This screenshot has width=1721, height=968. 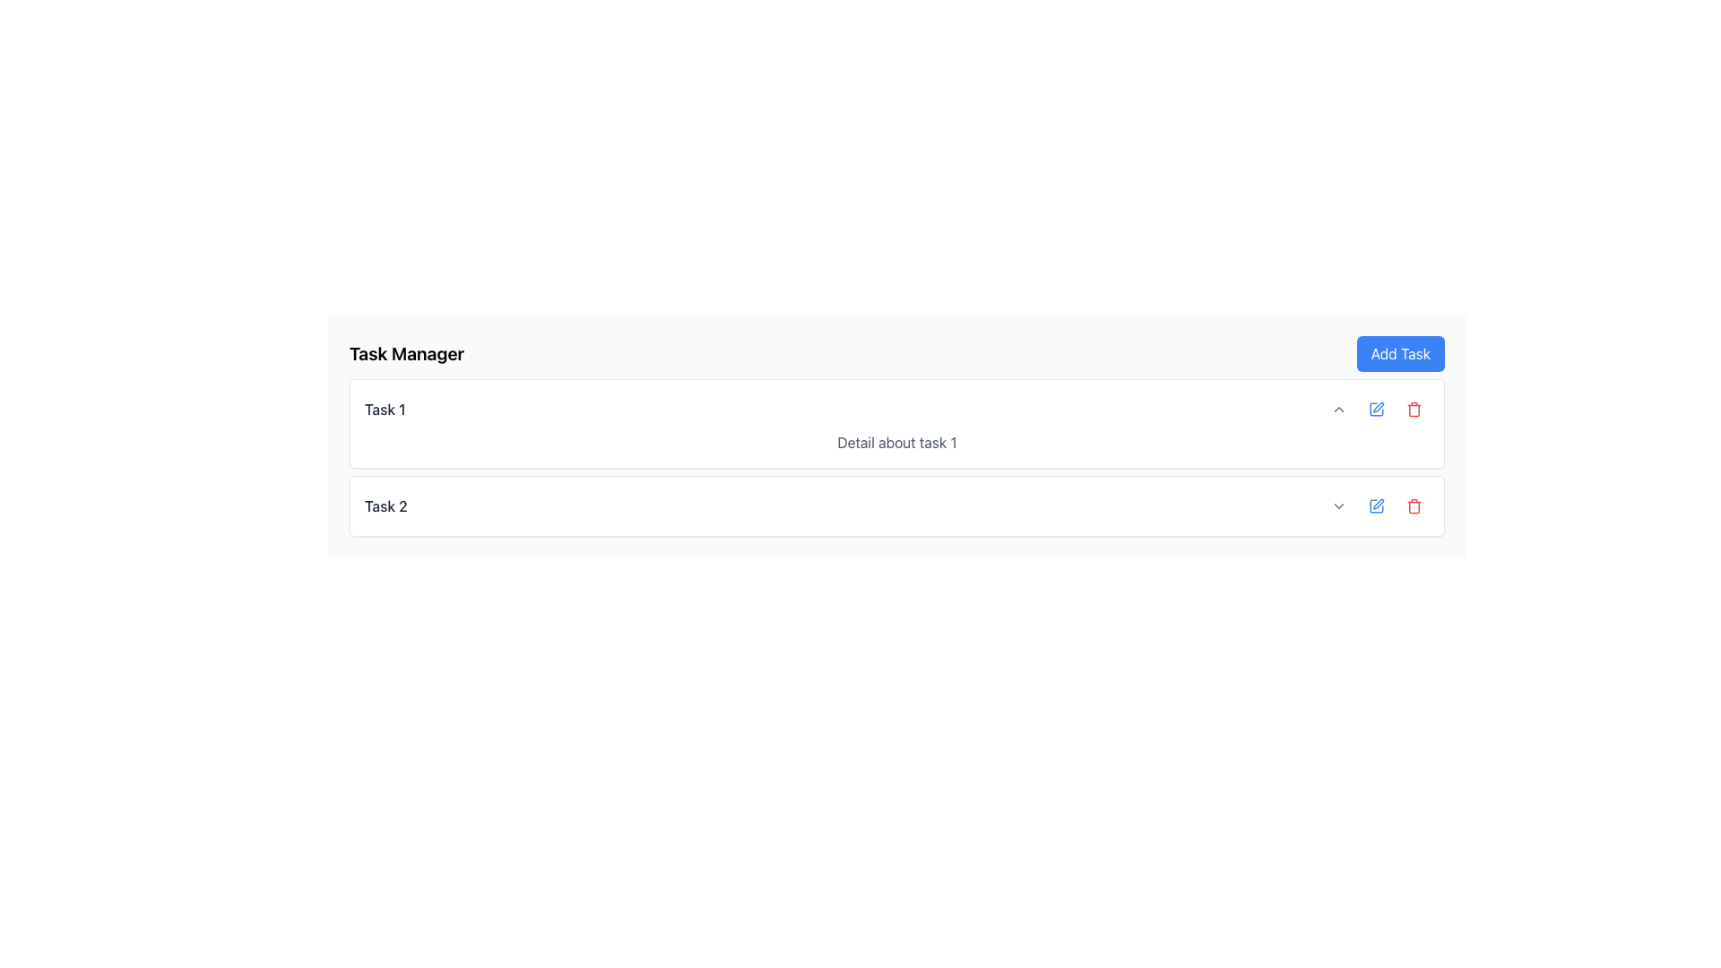 I want to click on the edit task button, which is the second interactive icon on the right side of a task entry in the task manager interface, so click(x=1376, y=409).